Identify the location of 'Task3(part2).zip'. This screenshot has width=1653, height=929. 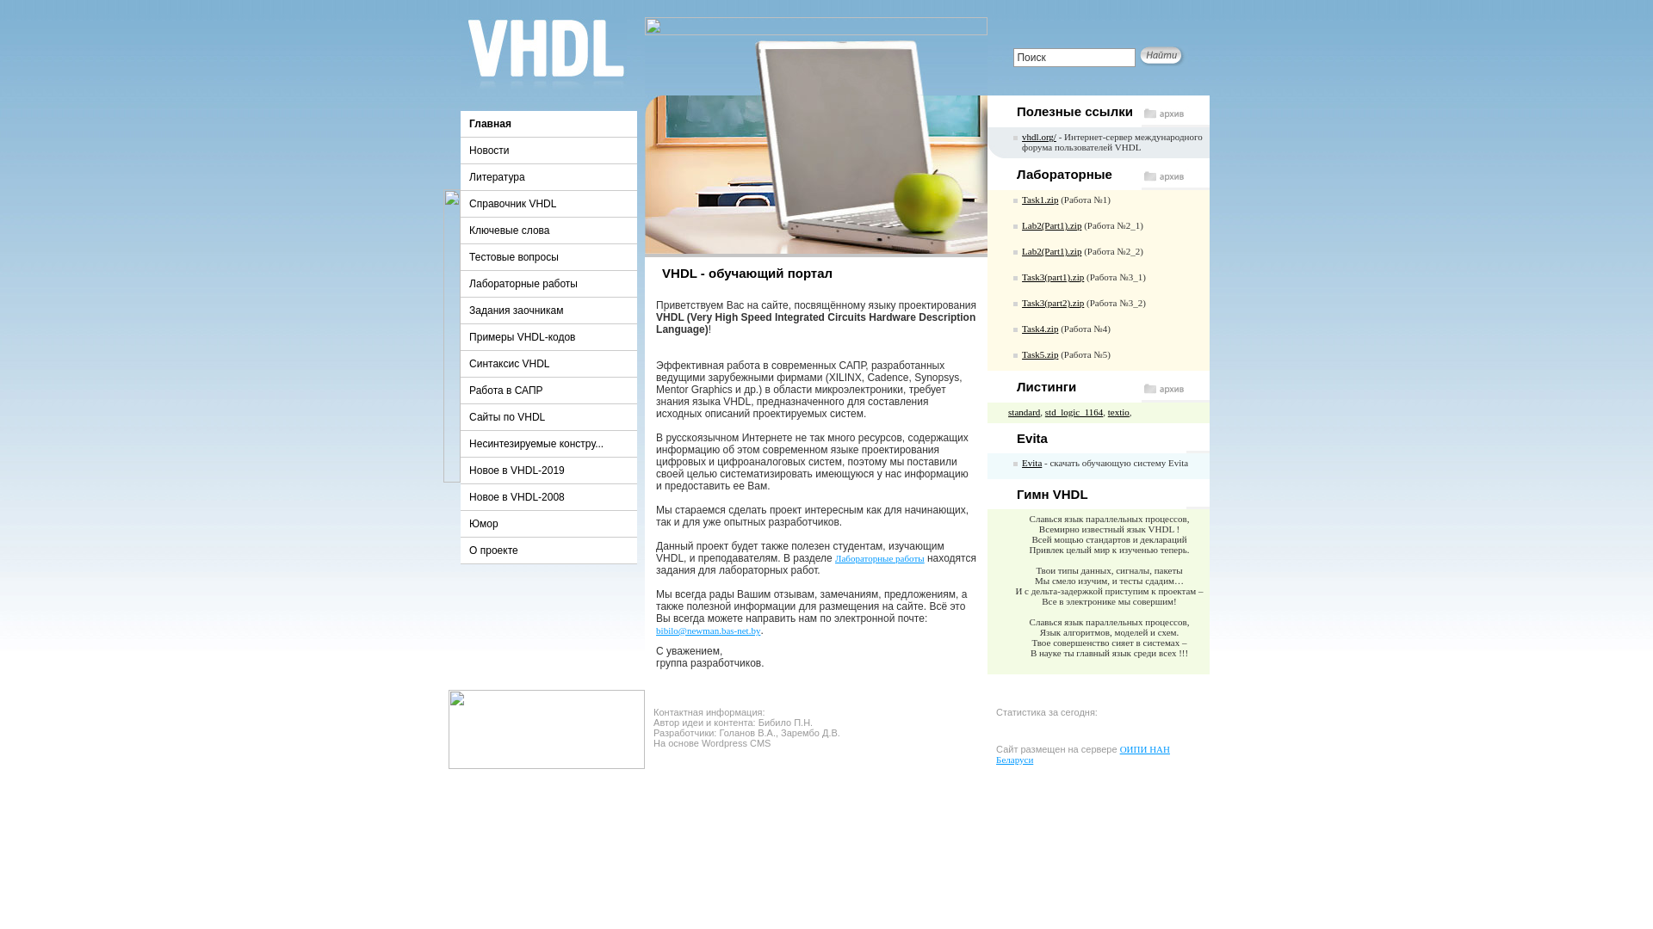
(1052, 301).